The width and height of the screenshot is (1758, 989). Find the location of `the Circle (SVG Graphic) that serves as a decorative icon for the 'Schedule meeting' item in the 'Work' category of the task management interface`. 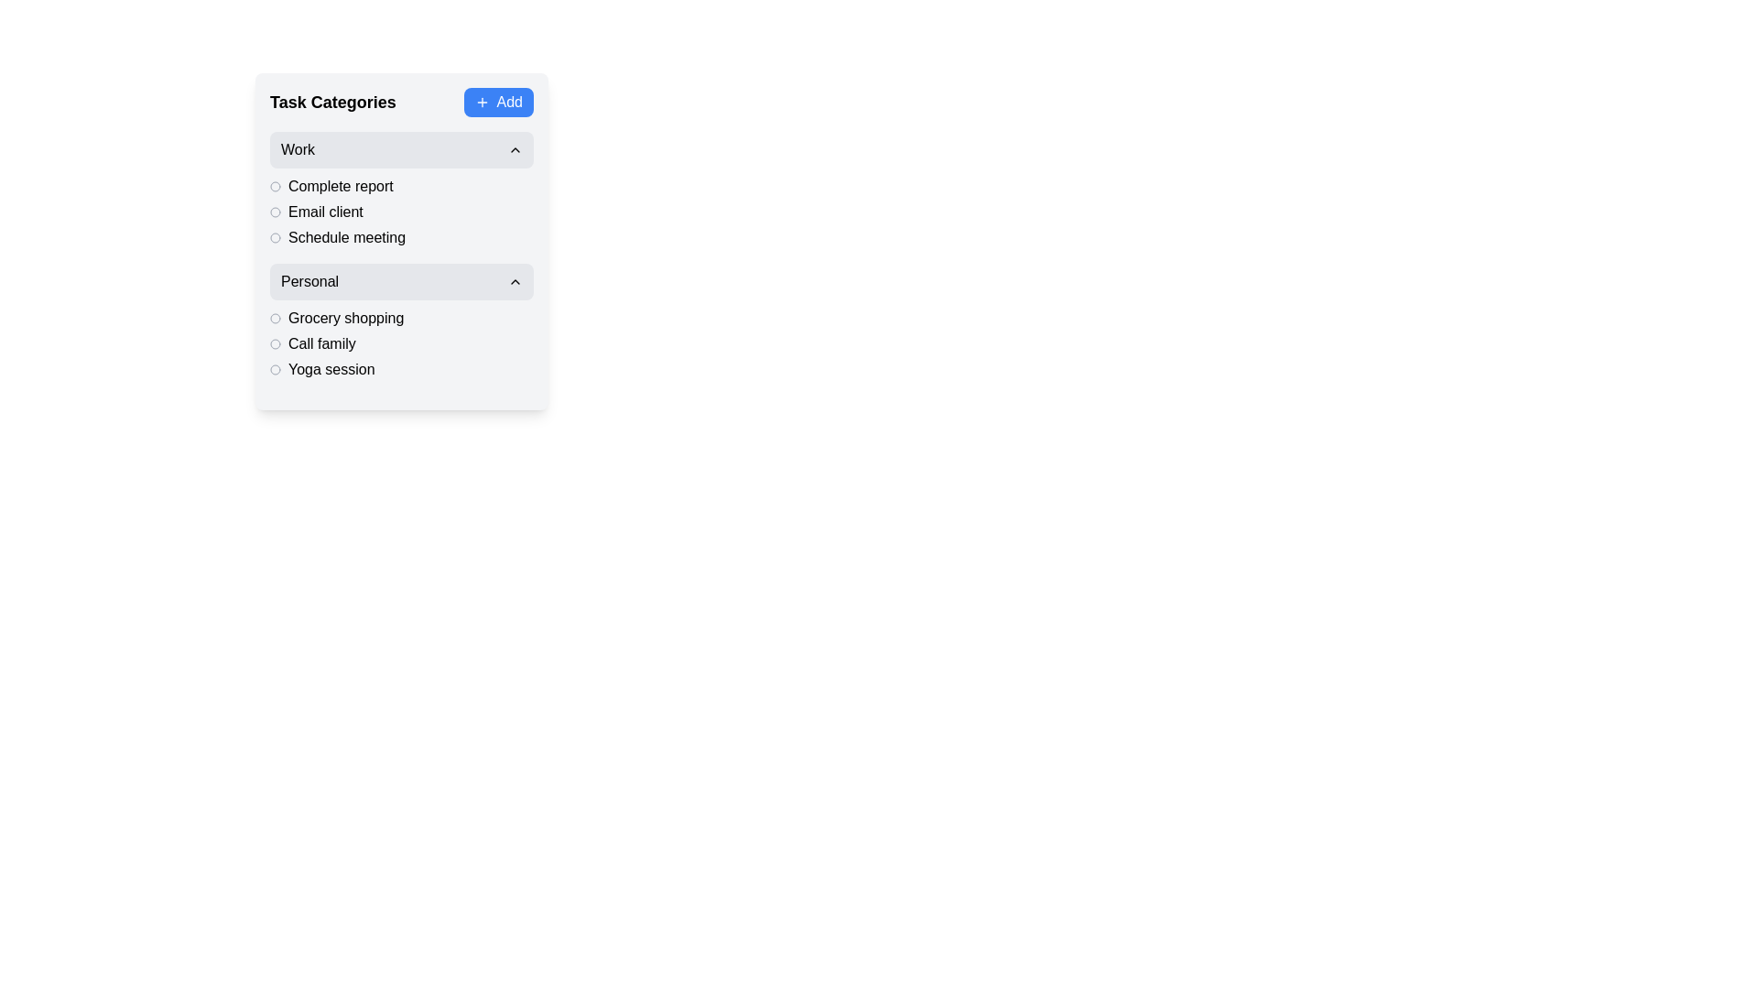

the Circle (SVG Graphic) that serves as a decorative icon for the 'Schedule meeting' item in the 'Work' category of the task management interface is located at coordinates (275, 236).